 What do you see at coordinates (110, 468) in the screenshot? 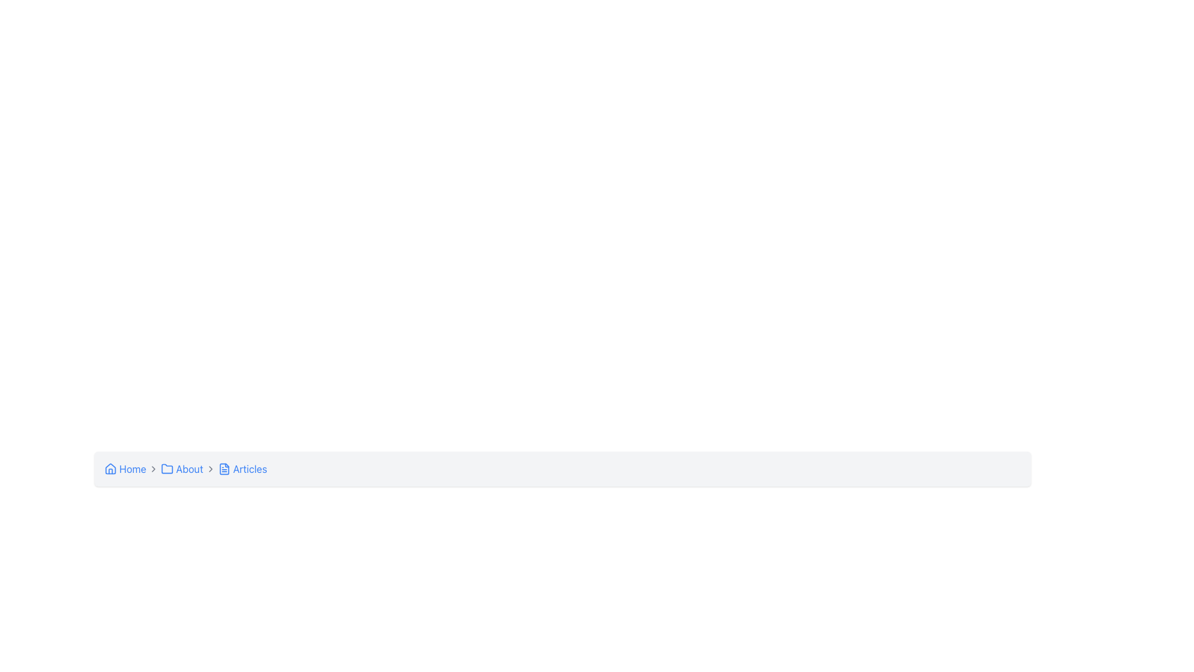
I see `the house icon in the breadcrumb navigation bar` at bounding box center [110, 468].